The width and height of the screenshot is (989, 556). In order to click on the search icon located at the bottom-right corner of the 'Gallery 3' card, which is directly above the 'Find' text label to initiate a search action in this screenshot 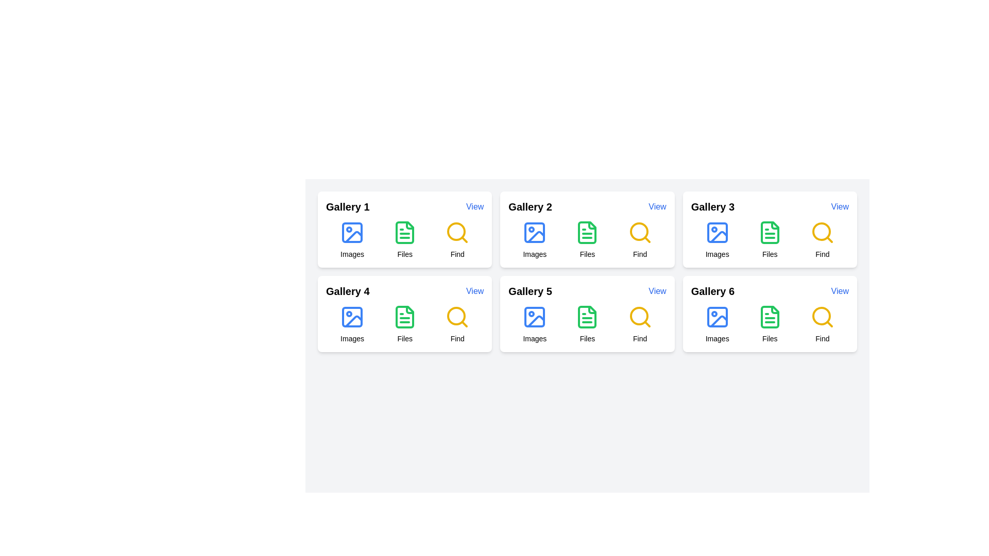, I will do `click(822, 232)`.